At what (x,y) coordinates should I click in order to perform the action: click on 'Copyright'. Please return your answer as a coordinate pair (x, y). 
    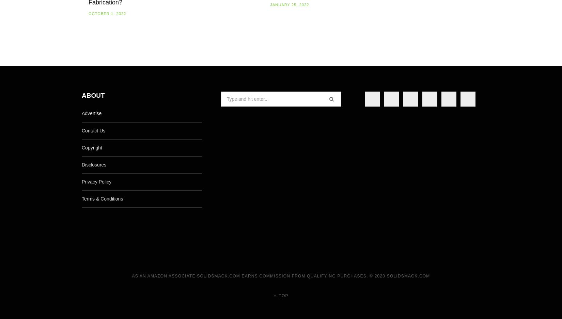
    Looking at the image, I should click on (92, 147).